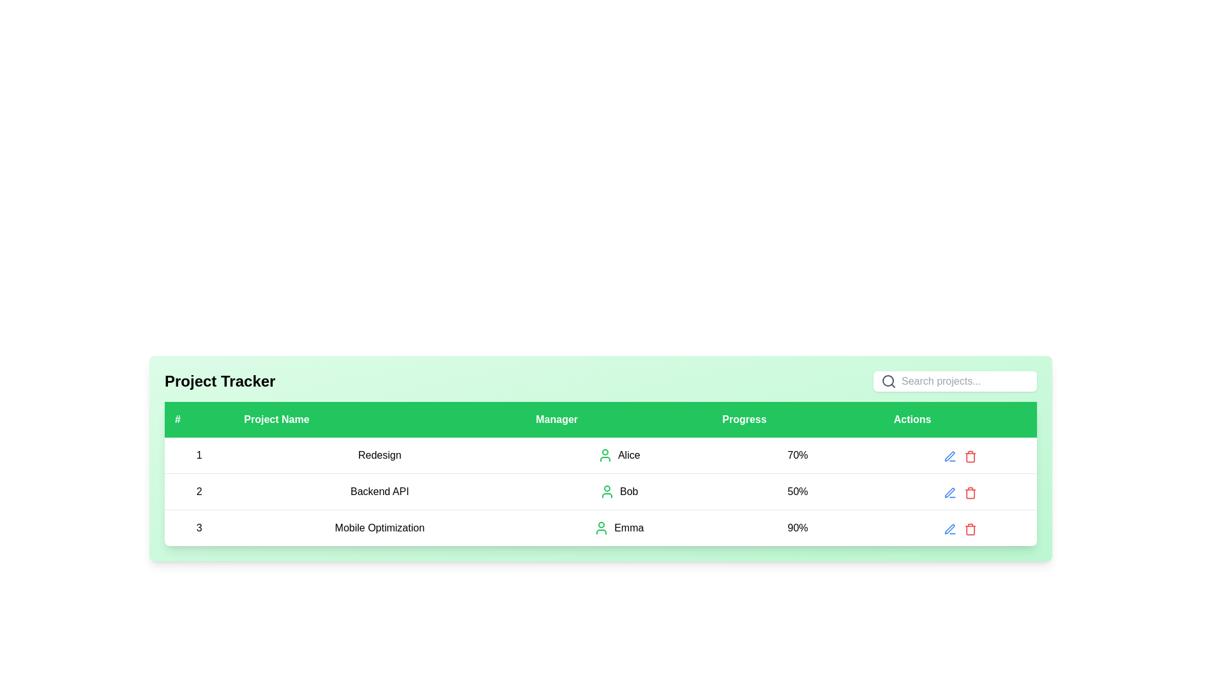  I want to click on the vertical rectangle resembling the trash can's main body within the 'Delete' icon in the 'Actions' column to perform a delete action, so click(970, 530).